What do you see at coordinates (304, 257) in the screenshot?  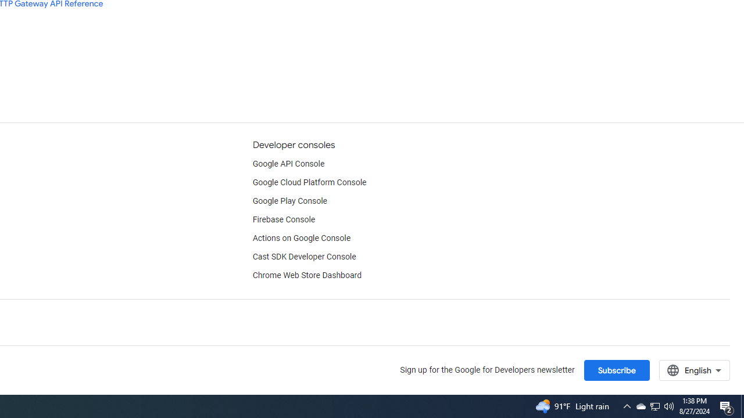 I see `'Cast SDK Developer Console'` at bounding box center [304, 257].